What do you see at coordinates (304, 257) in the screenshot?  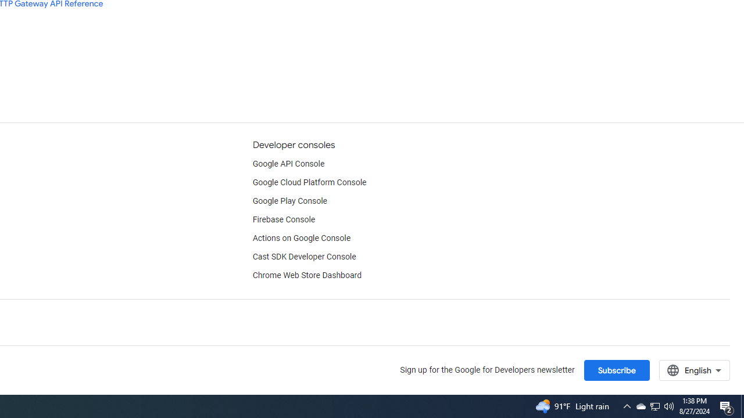 I see `'Cast SDK Developer Console'` at bounding box center [304, 257].